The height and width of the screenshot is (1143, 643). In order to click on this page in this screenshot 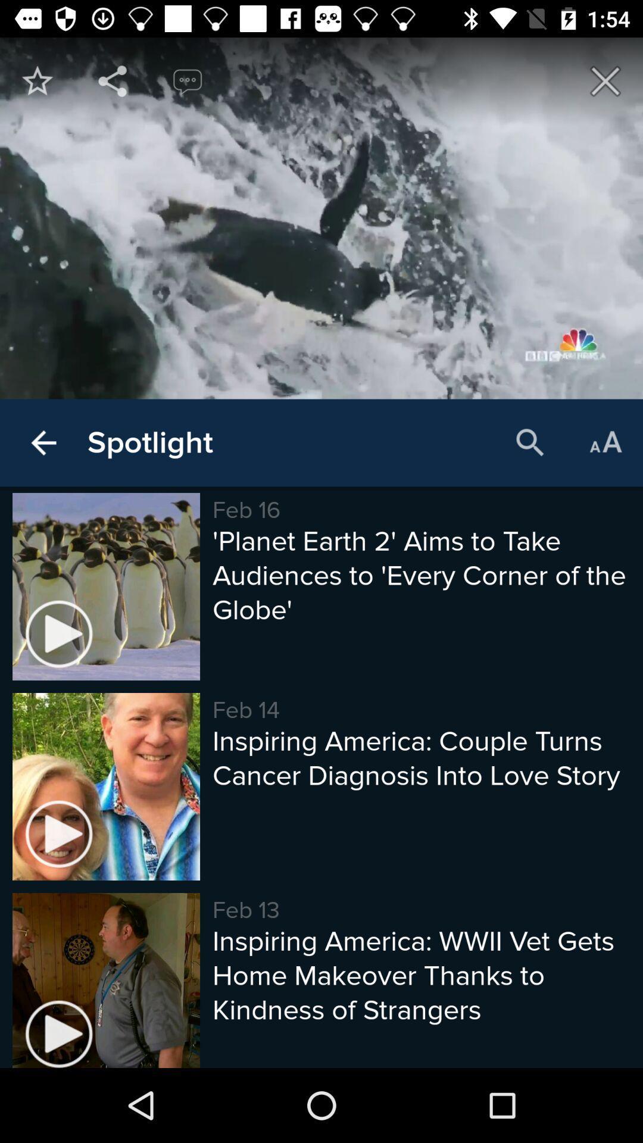, I will do `click(605, 80)`.